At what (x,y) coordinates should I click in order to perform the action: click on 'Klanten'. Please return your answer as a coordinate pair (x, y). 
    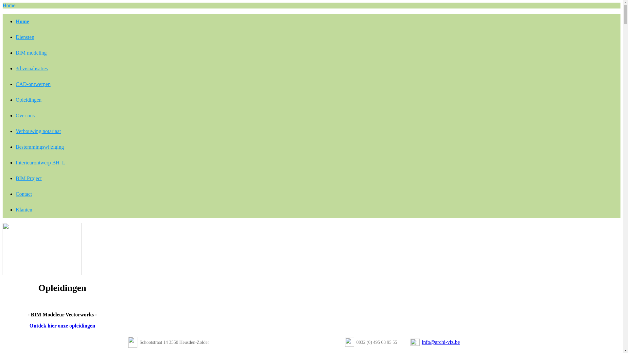
    Looking at the image, I should click on (24, 210).